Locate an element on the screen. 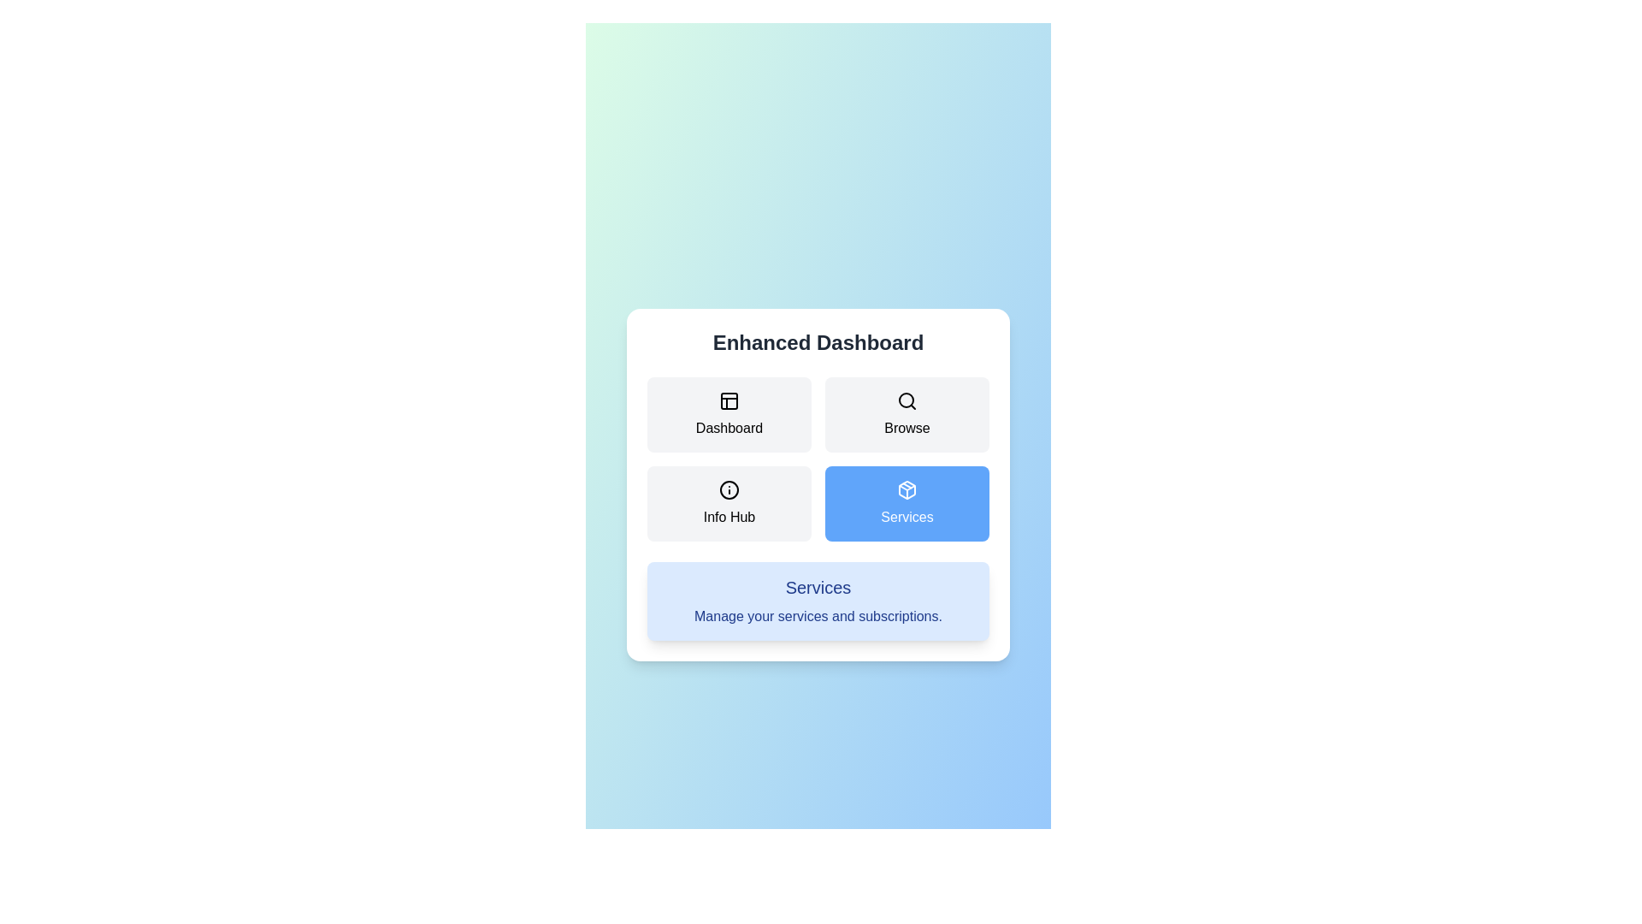 This screenshot has width=1642, height=924. the Info Hub tab by clicking on its button is located at coordinates (729, 503).